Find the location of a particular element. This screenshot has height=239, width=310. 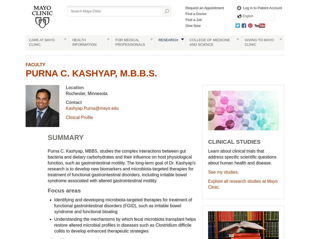

'Giving to Mayo Clinic' is located at coordinates (259, 42).